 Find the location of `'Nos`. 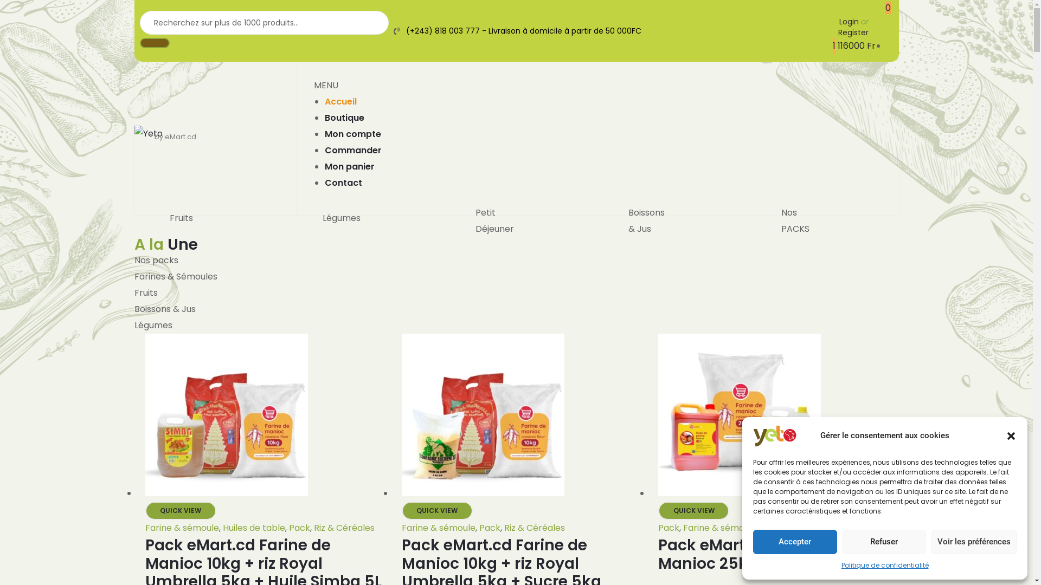

'Nos is located at coordinates (794, 220).